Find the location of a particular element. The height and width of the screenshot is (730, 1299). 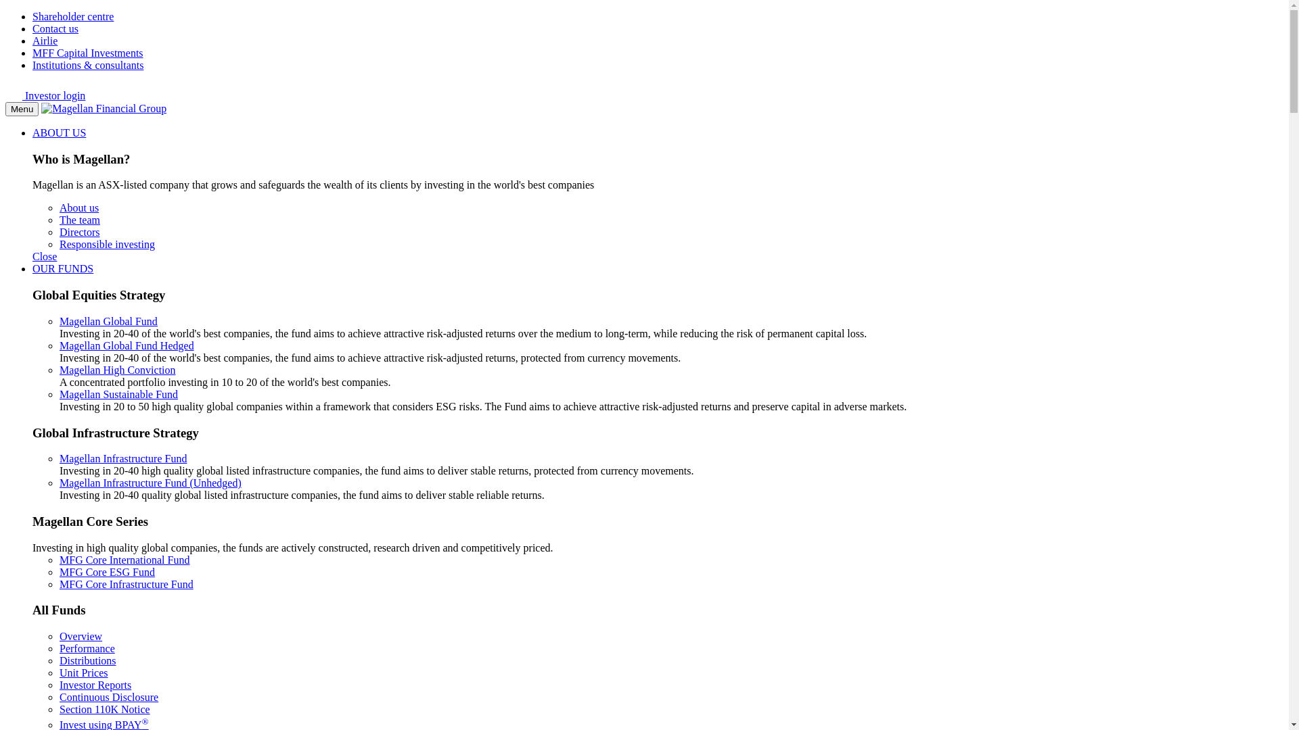

'Distributions' is located at coordinates (87, 660).